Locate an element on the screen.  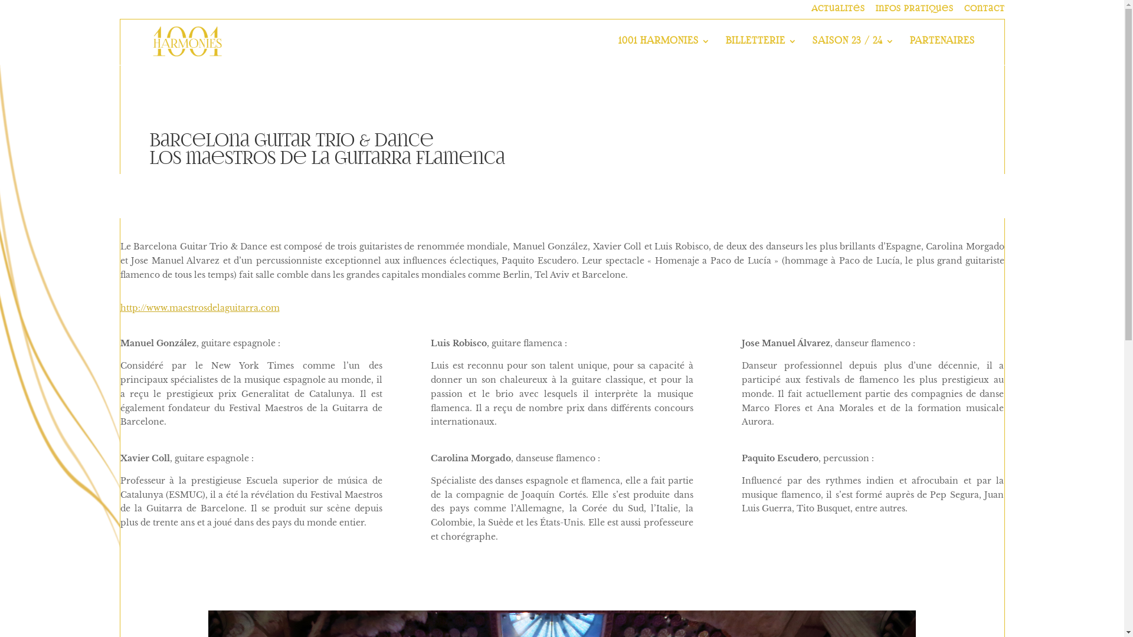
'1001 HARMONIES' is located at coordinates (664, 50).